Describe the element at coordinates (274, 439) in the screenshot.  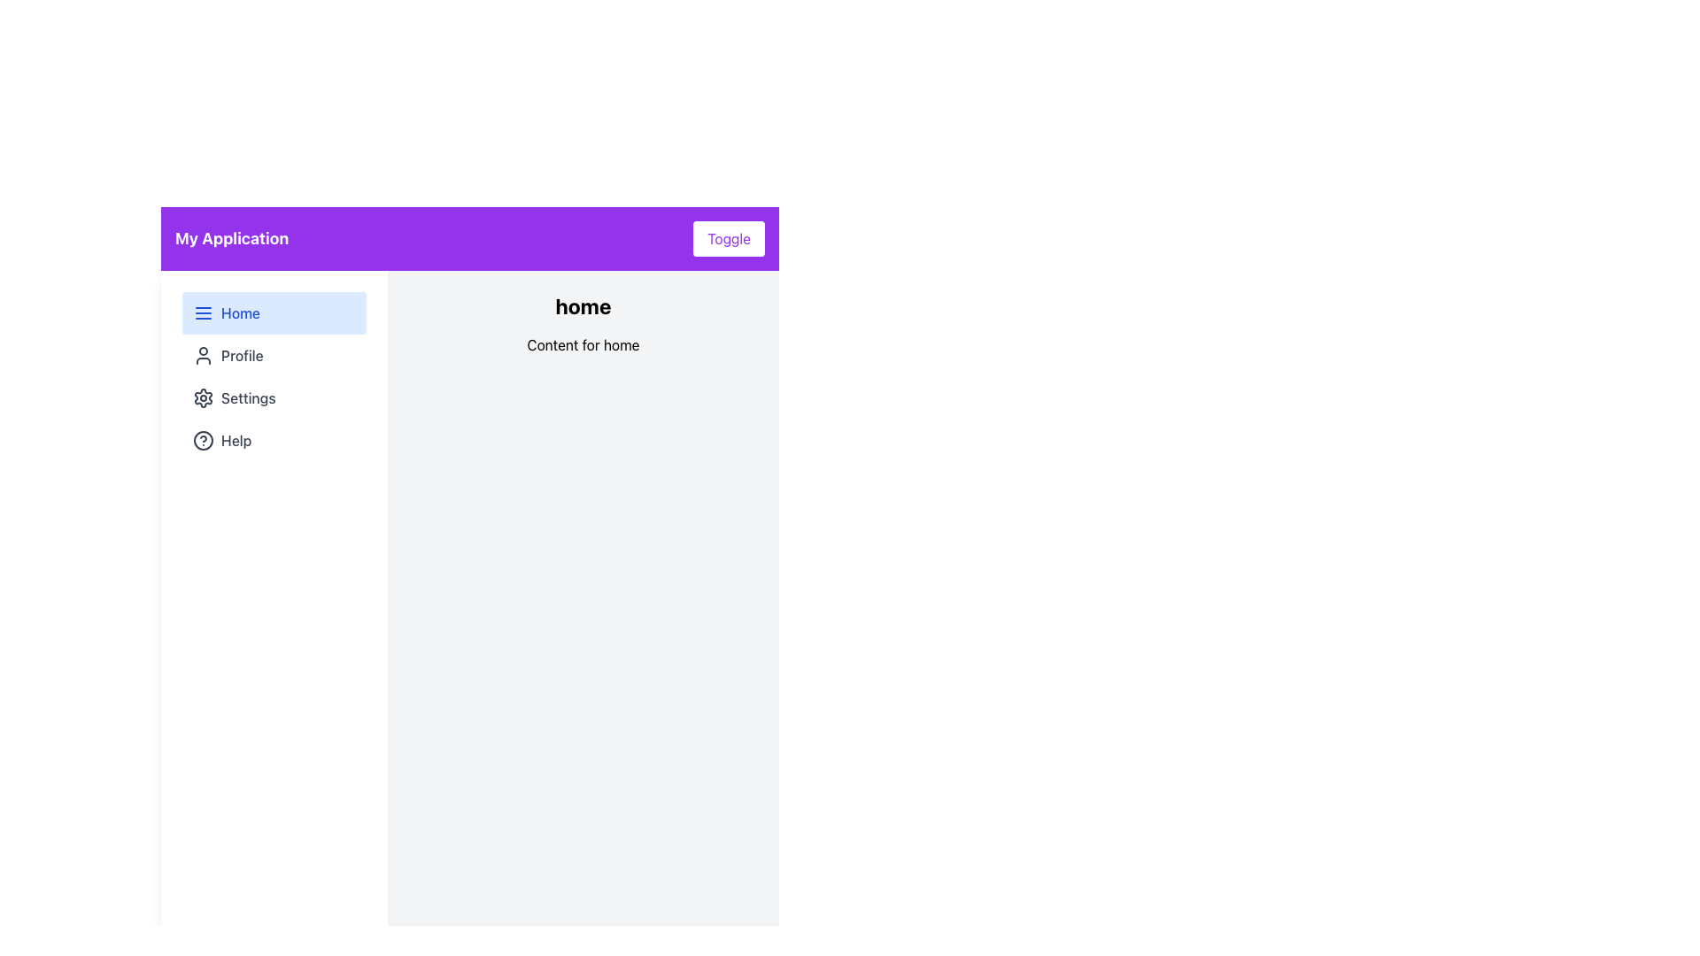
I see `the Help button located in the left column of the navigation menu` at that location.